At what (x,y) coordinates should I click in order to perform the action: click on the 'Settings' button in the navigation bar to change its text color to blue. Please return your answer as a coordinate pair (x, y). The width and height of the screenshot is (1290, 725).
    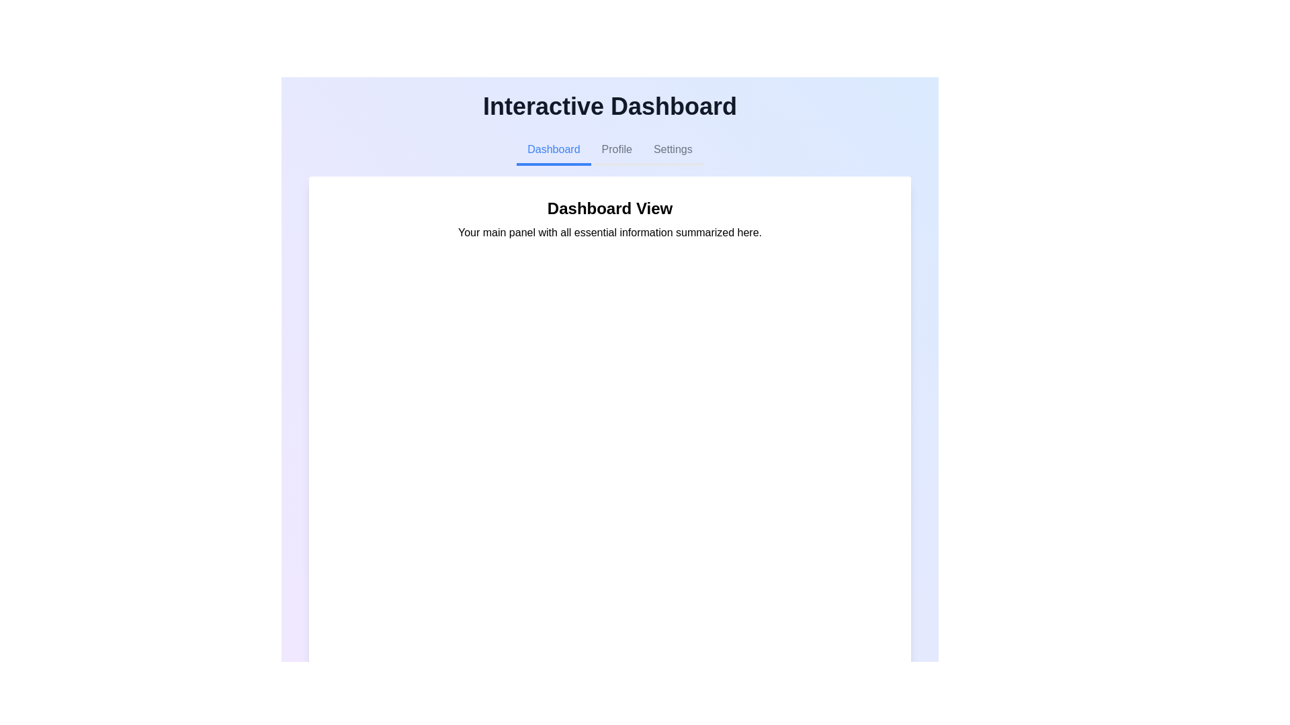
    Looking at the image, I should click on (673, 150).